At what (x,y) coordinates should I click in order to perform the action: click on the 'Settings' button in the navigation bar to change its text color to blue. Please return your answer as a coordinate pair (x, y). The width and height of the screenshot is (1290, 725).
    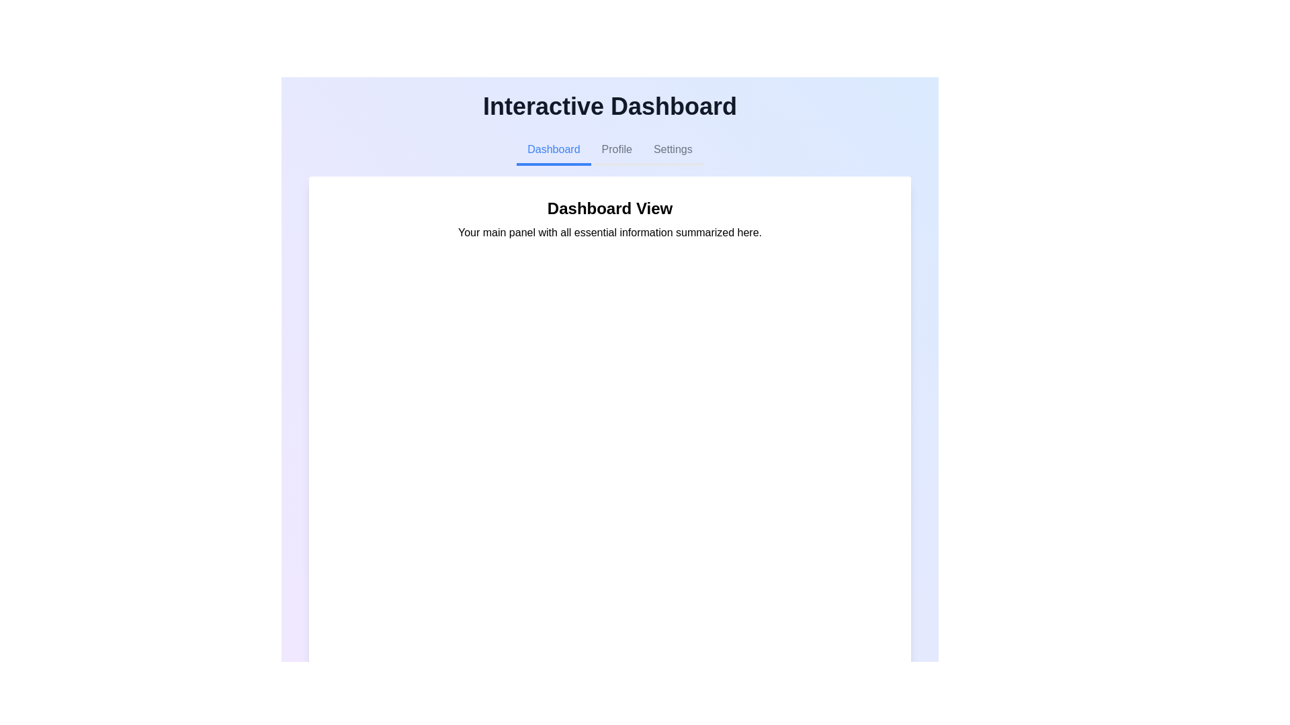
    Looking at the image, I should click on (673, 150).